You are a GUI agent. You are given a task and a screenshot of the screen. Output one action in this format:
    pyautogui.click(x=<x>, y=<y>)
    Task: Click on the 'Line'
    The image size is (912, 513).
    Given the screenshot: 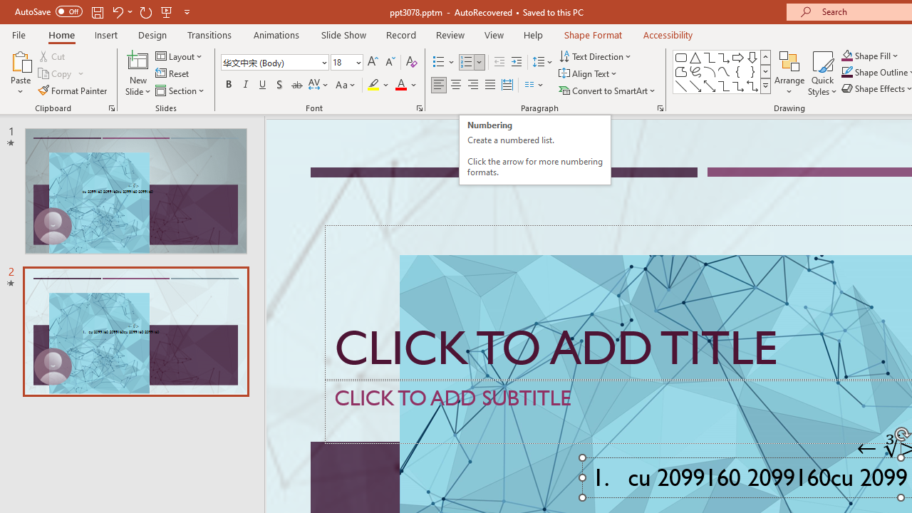 What is the action you would take?
    pyautogui.click(x=680, y=85)
    